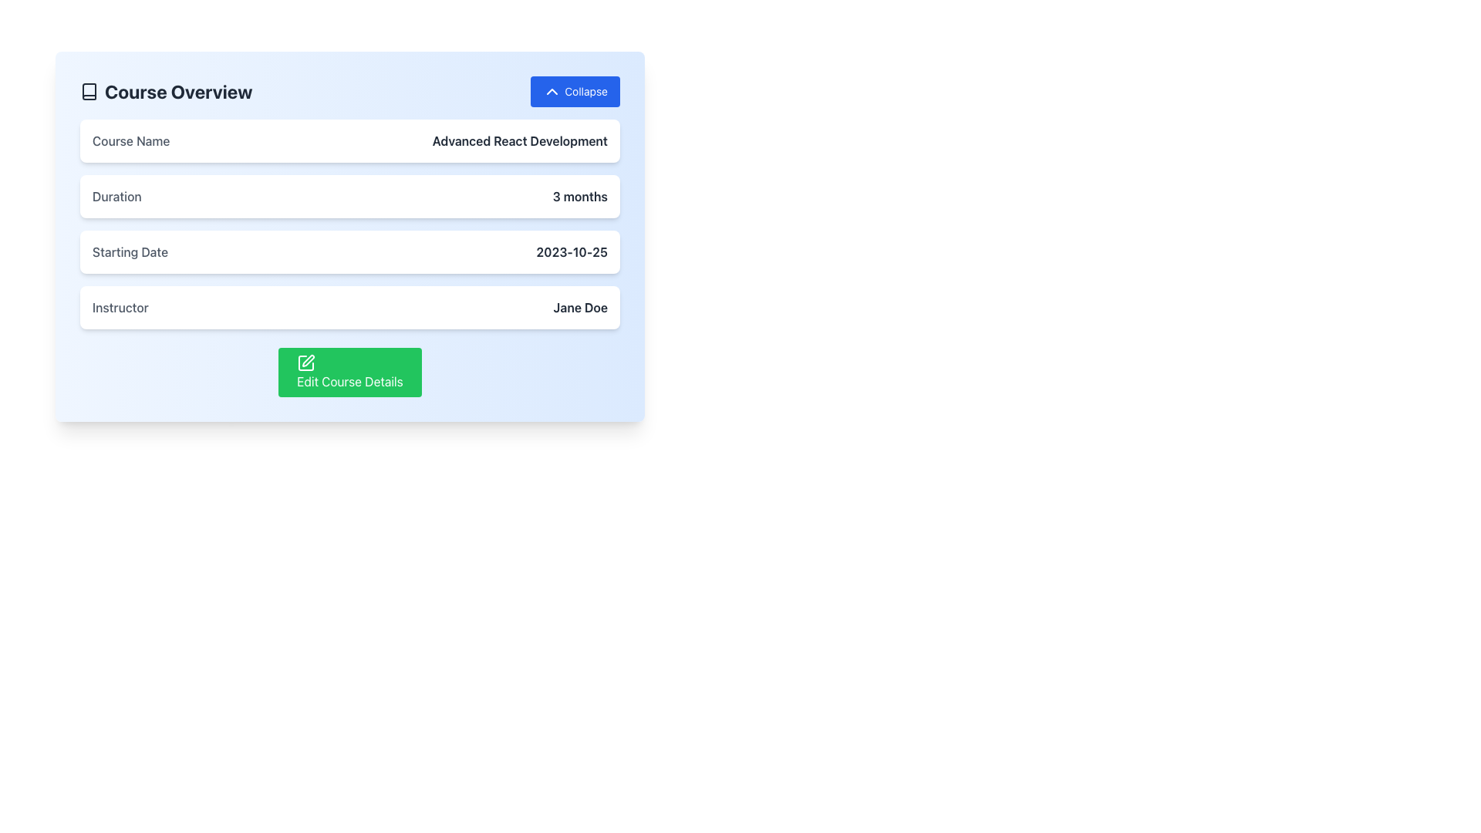 This screenshot has height=833, width=1481. What do you see at coordinates (88, 92) in the screenshot?
I see `the small book icon located to the left of the 'Course Overview' text in the header section of the card` at bounding box center [88, 92].